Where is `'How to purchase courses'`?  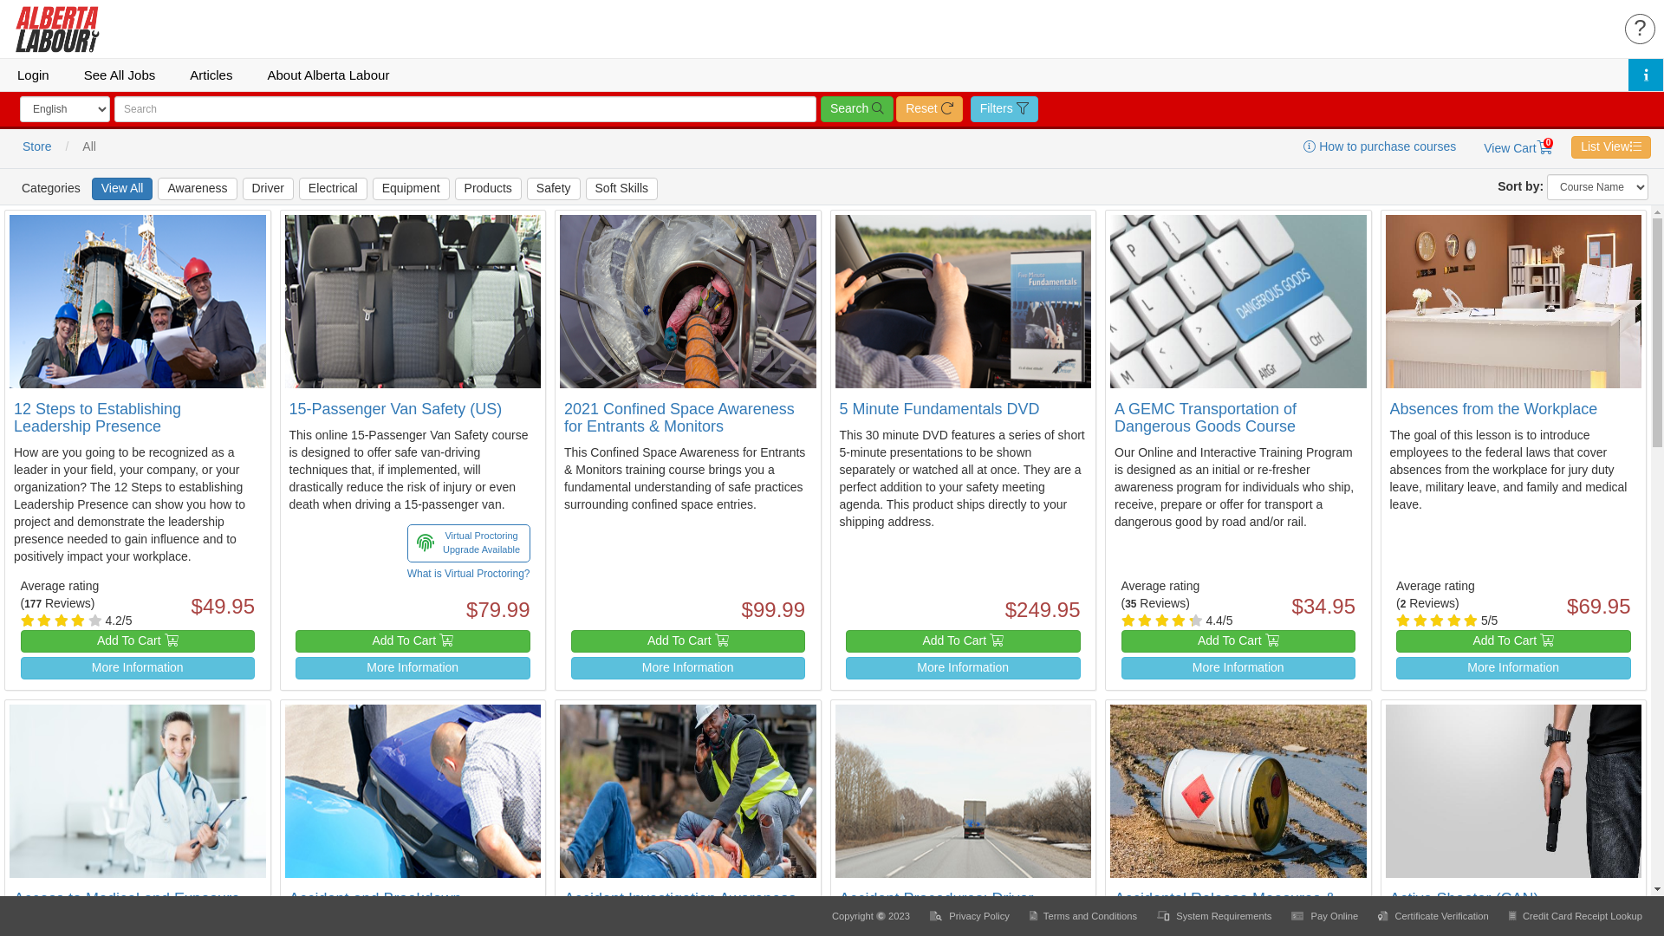
'How to purchase courses' is located at coordinates (1379, 146).